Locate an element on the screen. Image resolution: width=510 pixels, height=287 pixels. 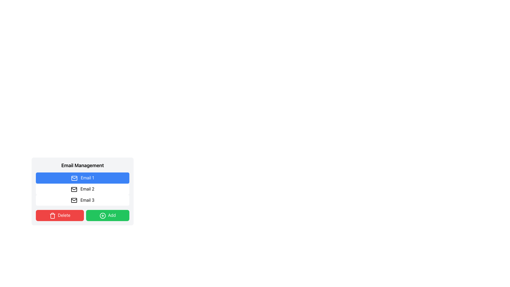
the decorative SVG icon for delete functionality located within the delete button at the bottom left corner of the panel is located at coordinates (52, 216).